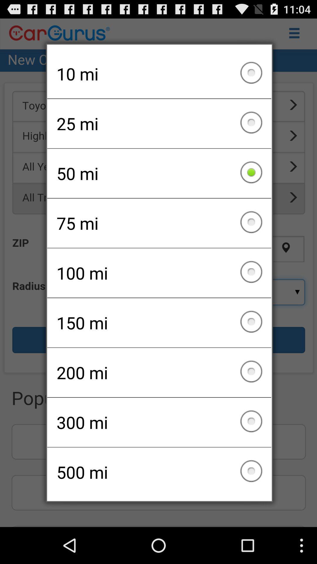 The image size is (317, 564). What do you see at coordinates (159, 322) in the screenshot?
I see `the 150 mi checkbox` at bounding box center [159, 322].